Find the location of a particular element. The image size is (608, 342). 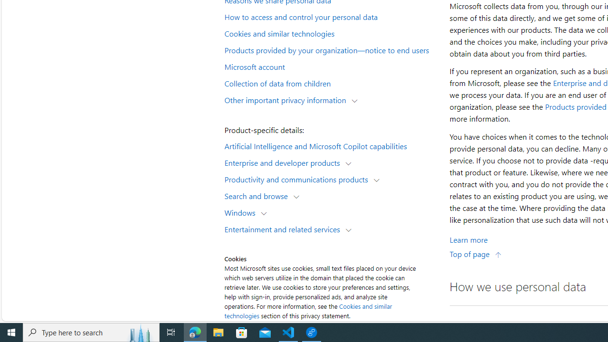

'Productivity and communications products' is located at coordinates (298, 179).